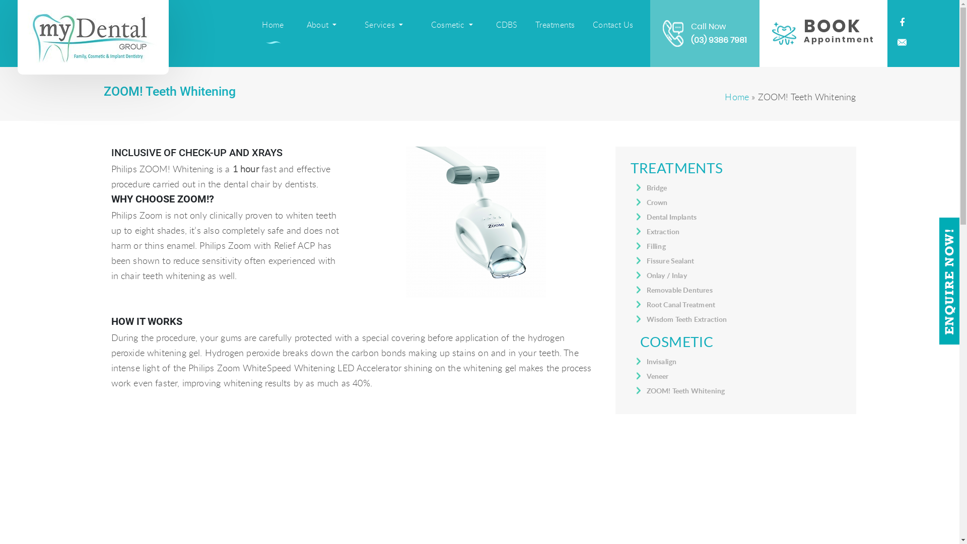 The height and width of the screenshot is (544, 967). I want to click on 'ZOOM! Teeth Whitening', so click(685, 390).